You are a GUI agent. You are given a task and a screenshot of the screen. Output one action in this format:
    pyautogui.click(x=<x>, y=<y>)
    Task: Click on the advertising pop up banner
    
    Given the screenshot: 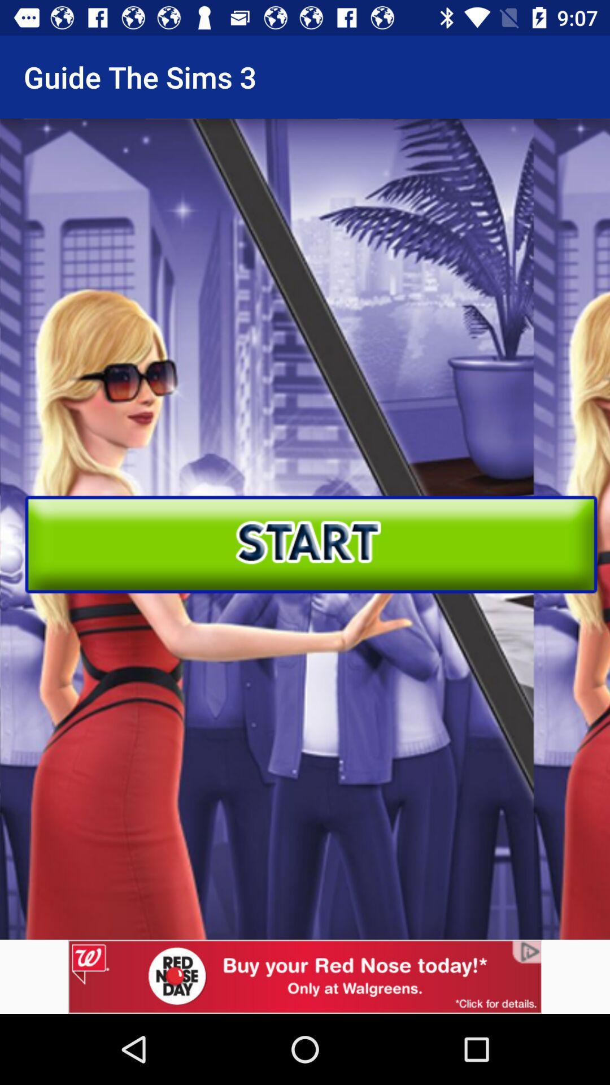 What is the action you would take?
    pyautogui.click(x=305, y=976)
    